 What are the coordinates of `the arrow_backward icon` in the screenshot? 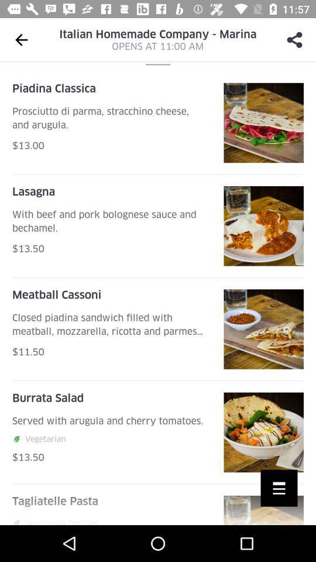 It's located at (21, 40).